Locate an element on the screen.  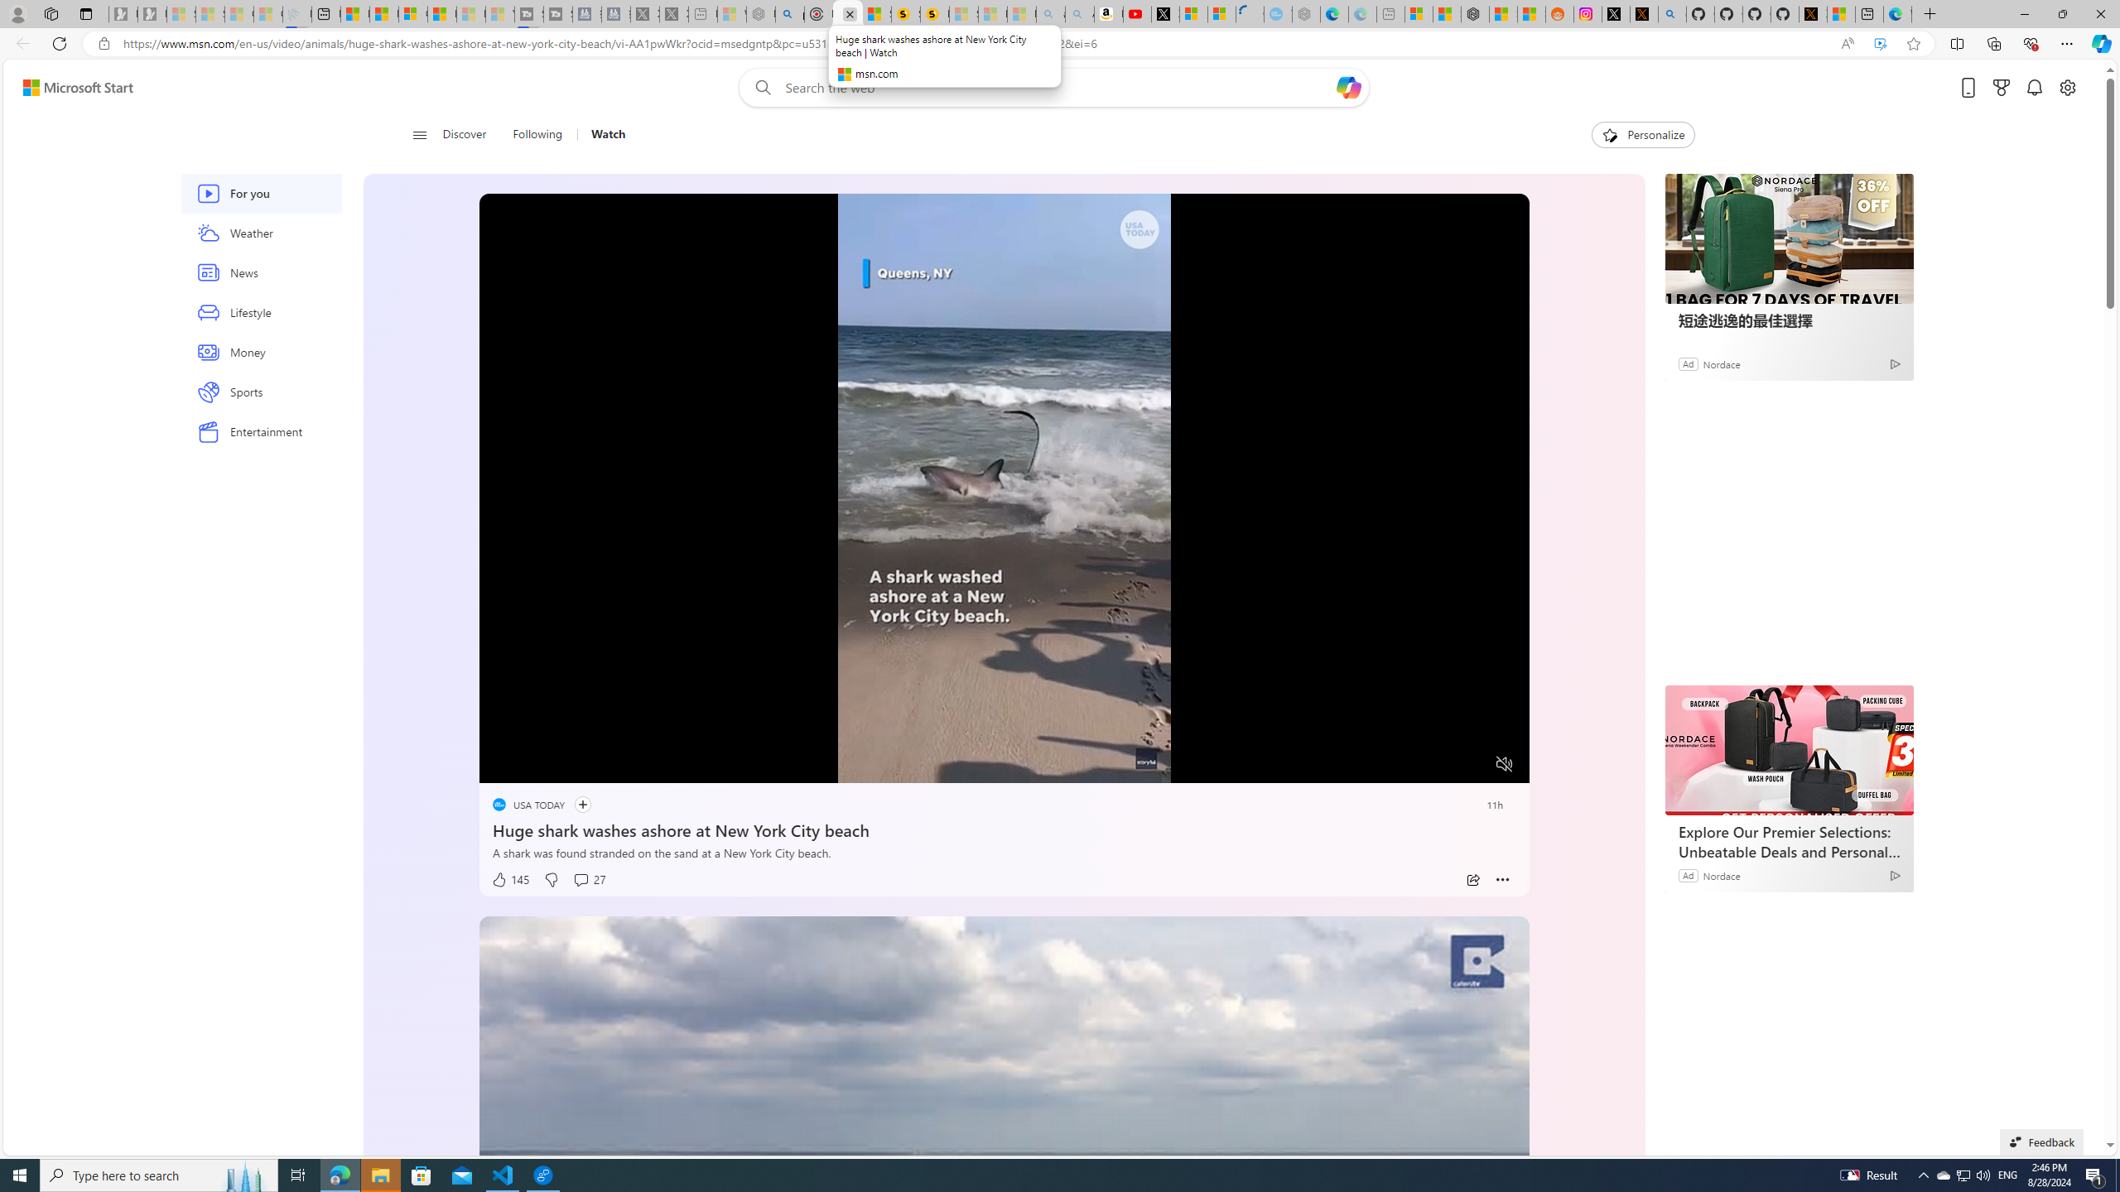
'Nordace - Duffels' is located at coordinates (1475, 13).